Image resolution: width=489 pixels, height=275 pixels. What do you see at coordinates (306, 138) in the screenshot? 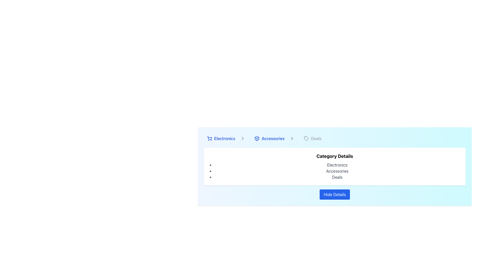
I see `the decorative icon in the breadcrumbs navigation that enhances the visual representation of the 'Deals' link, positioned before the 'Deals' label` at bounding box center [306, 138].